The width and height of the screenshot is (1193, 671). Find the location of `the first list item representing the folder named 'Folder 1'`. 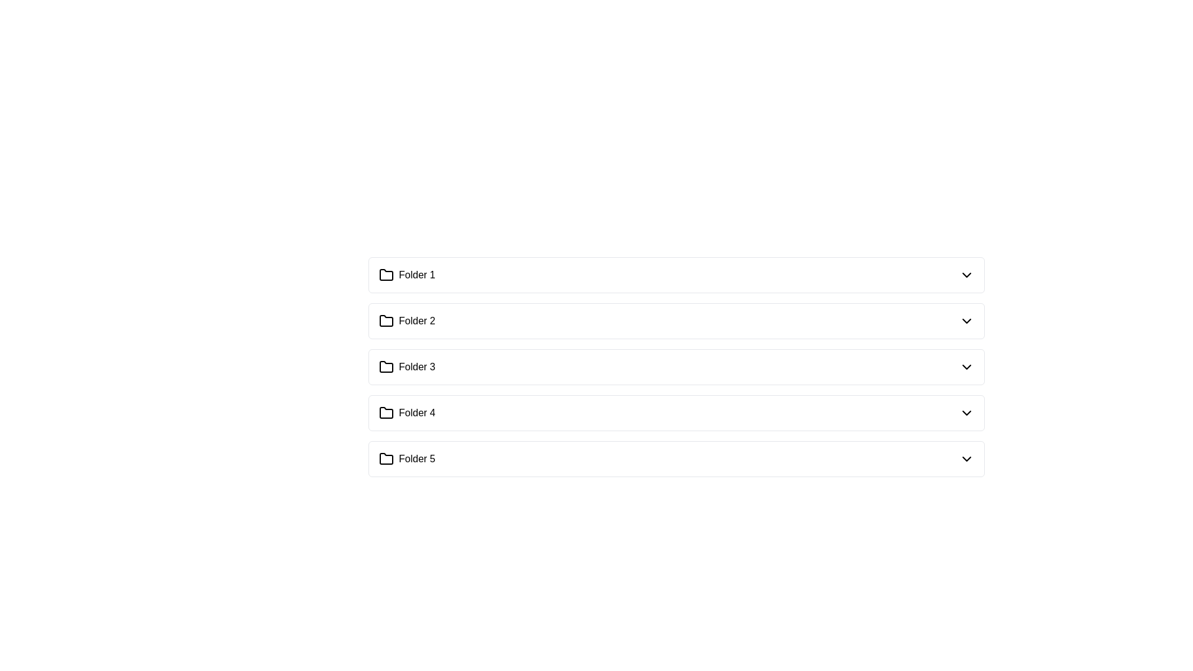

the first list item representing the folder named 'Folder 1' is located at coordinates (676, 275).